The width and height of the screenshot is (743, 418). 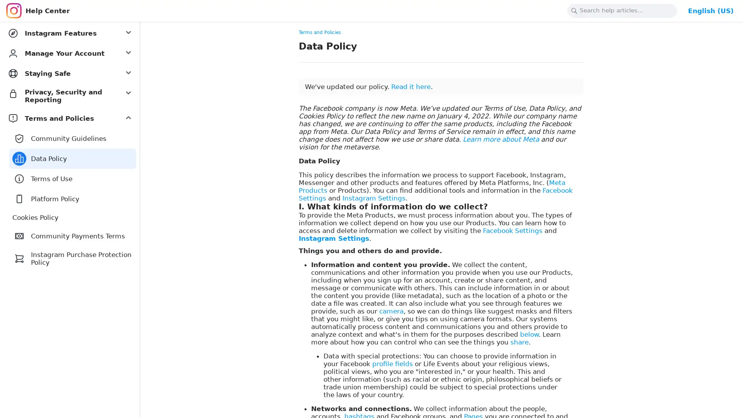 What do you see at coordinates (70, 118) in the screenshot?
I see `Terms and Policies` at bounding box center [70, 118].